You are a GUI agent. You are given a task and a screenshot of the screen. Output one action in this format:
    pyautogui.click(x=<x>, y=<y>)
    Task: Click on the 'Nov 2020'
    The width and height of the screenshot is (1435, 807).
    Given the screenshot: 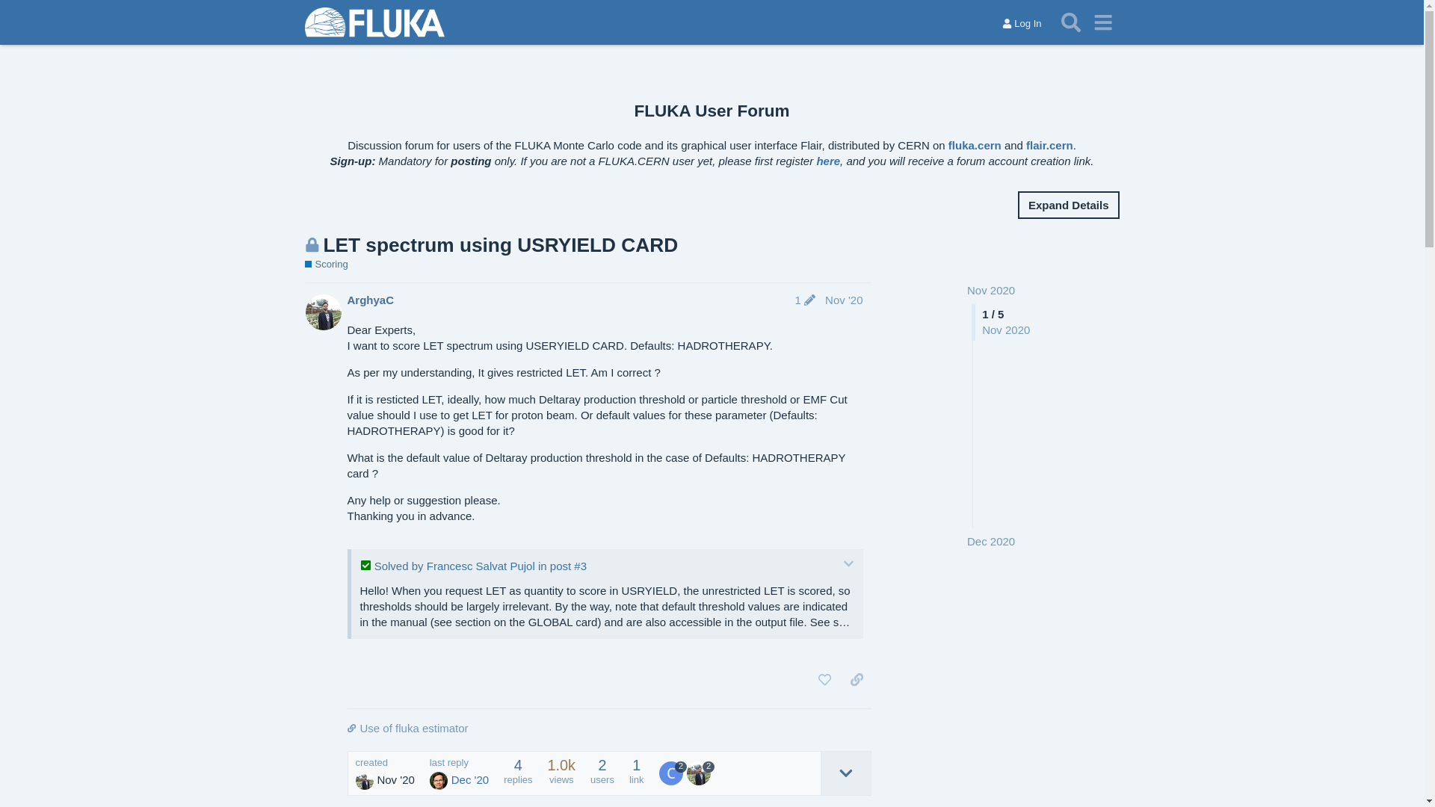 What is the action you would take?
    pyautogui.click(x=990, y=290)
    